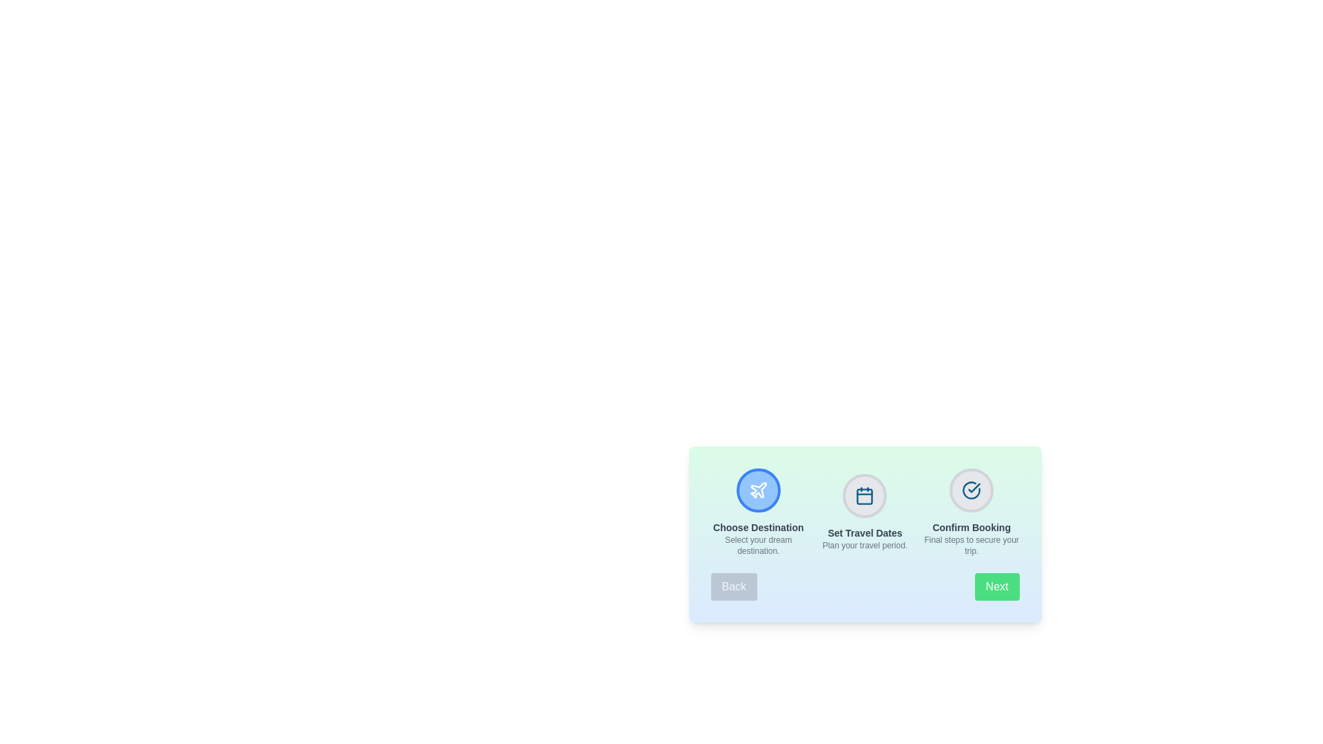 The height and width of the screenshot is (744, 1323). What do you see at coordinates (757, 513) in the screenshot?
I see `the text descriptions for each step` at bounding box center [757, 513].